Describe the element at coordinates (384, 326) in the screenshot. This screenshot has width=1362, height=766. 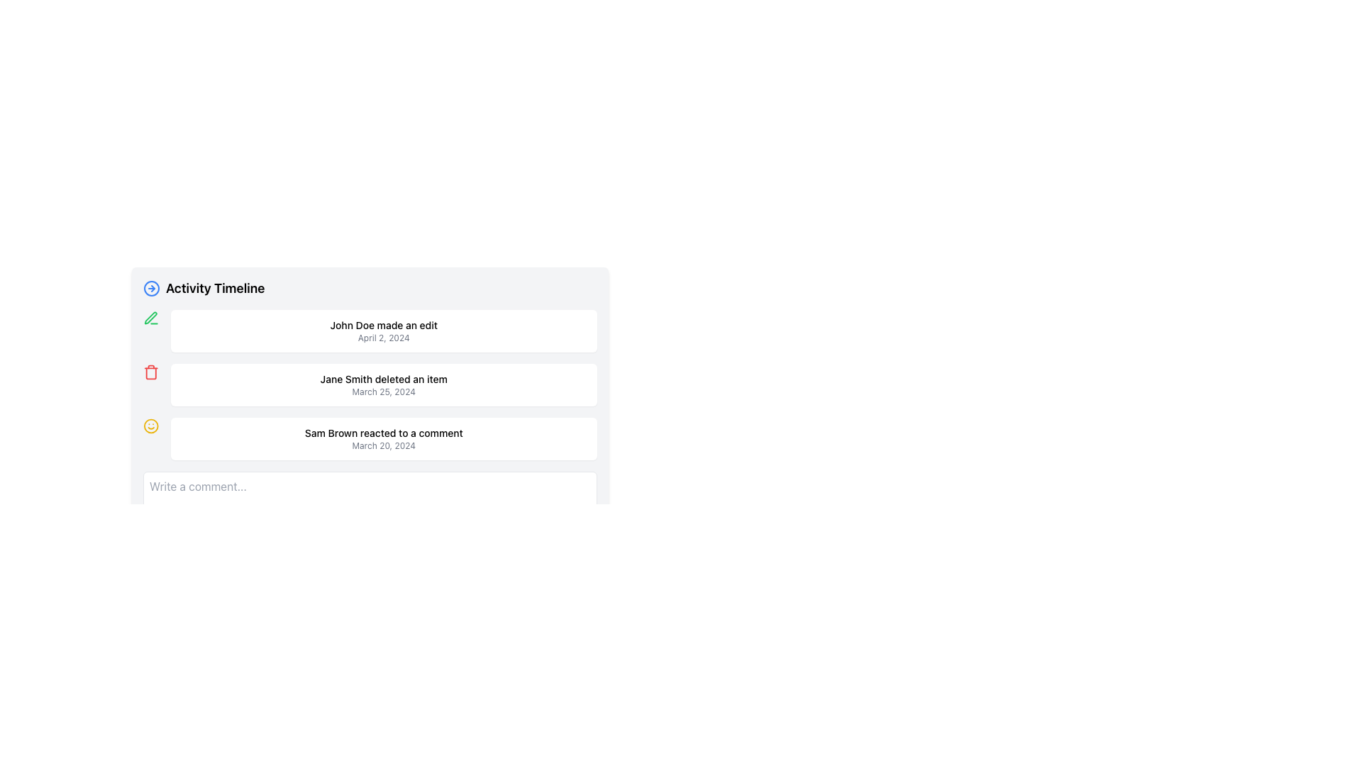
I see `the static text label that indicates 'John Doe made an edit' in the Activity Timeline panel, which is the first entry in the timeline` at that location.